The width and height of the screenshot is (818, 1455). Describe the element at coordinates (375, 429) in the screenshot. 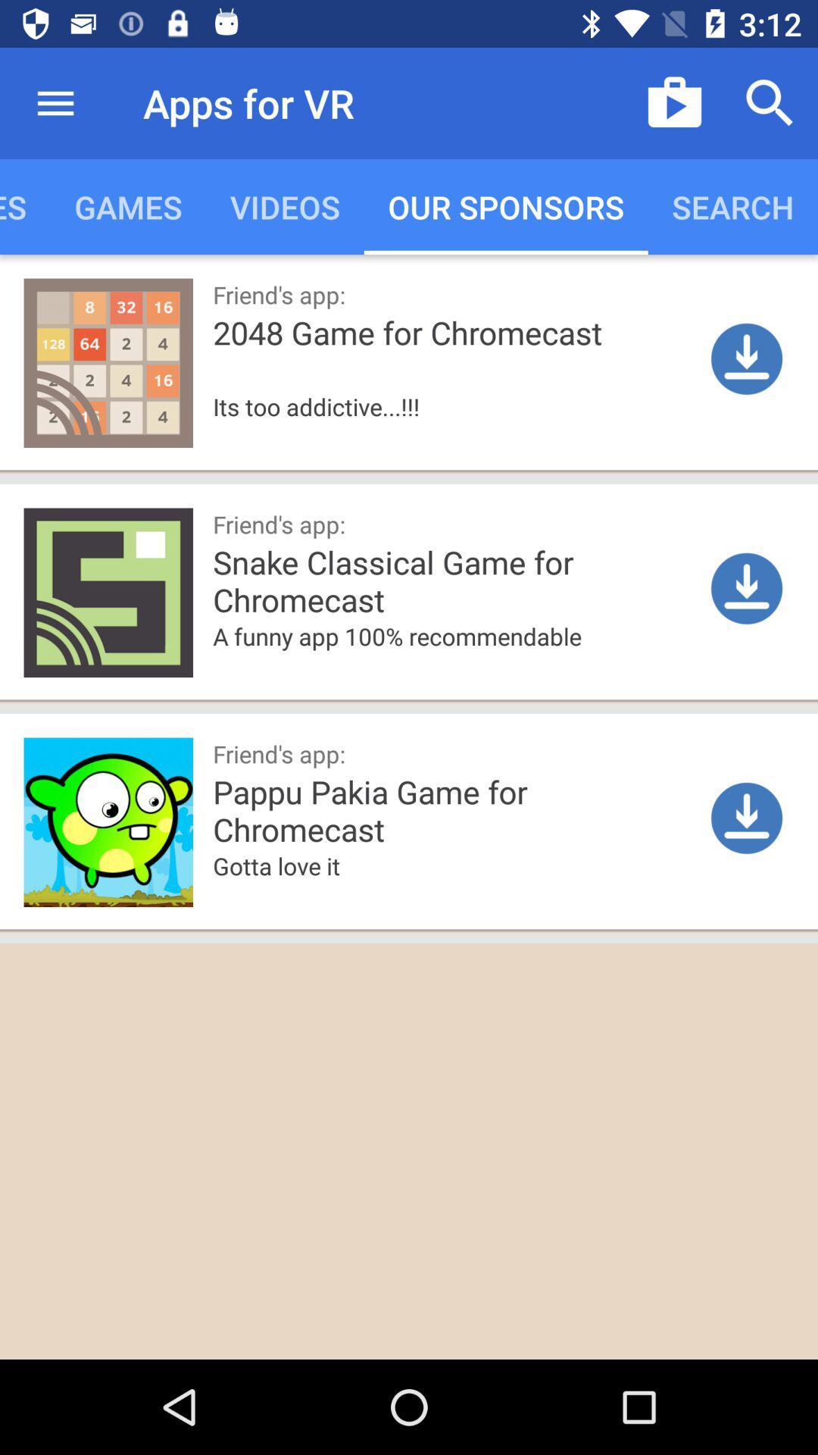

I see `the item above the friend's app: item` at that location.